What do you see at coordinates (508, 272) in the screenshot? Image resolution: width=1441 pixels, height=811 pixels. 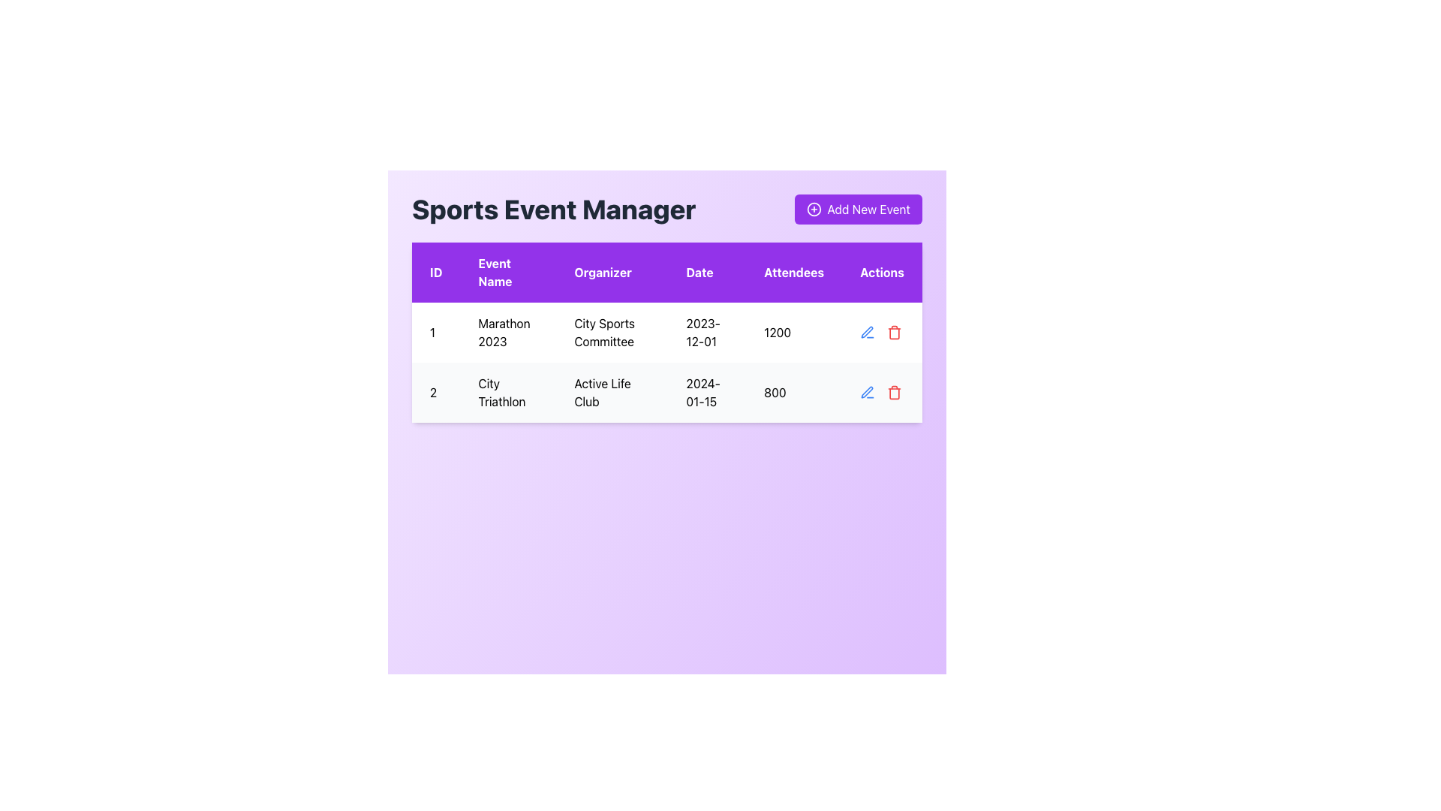 I see `the 'Event Name' label element with a purple background and white text that is centrally aligned within the header row of the data table` at bounding box center [508, 272].